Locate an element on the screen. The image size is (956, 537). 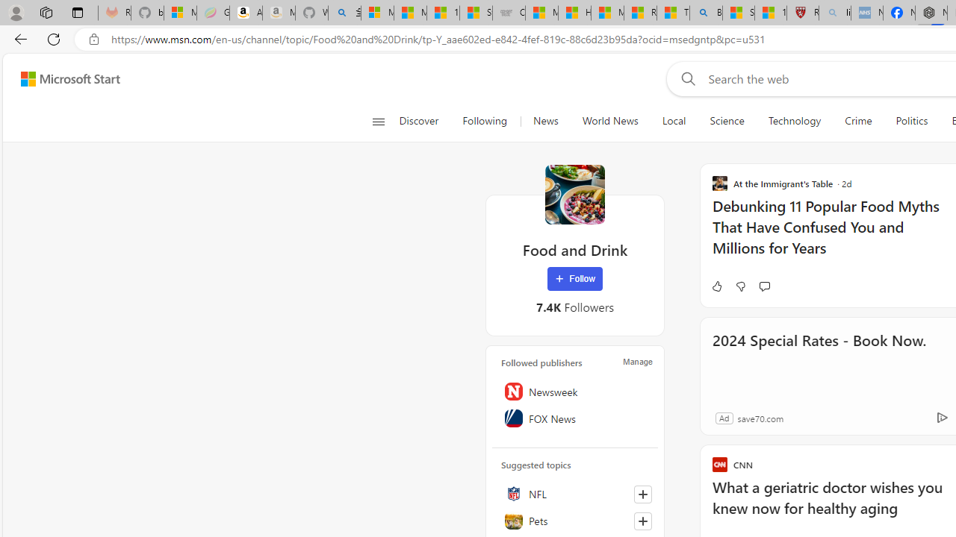
'Follow this topic' is located at coordinates (642, 521).